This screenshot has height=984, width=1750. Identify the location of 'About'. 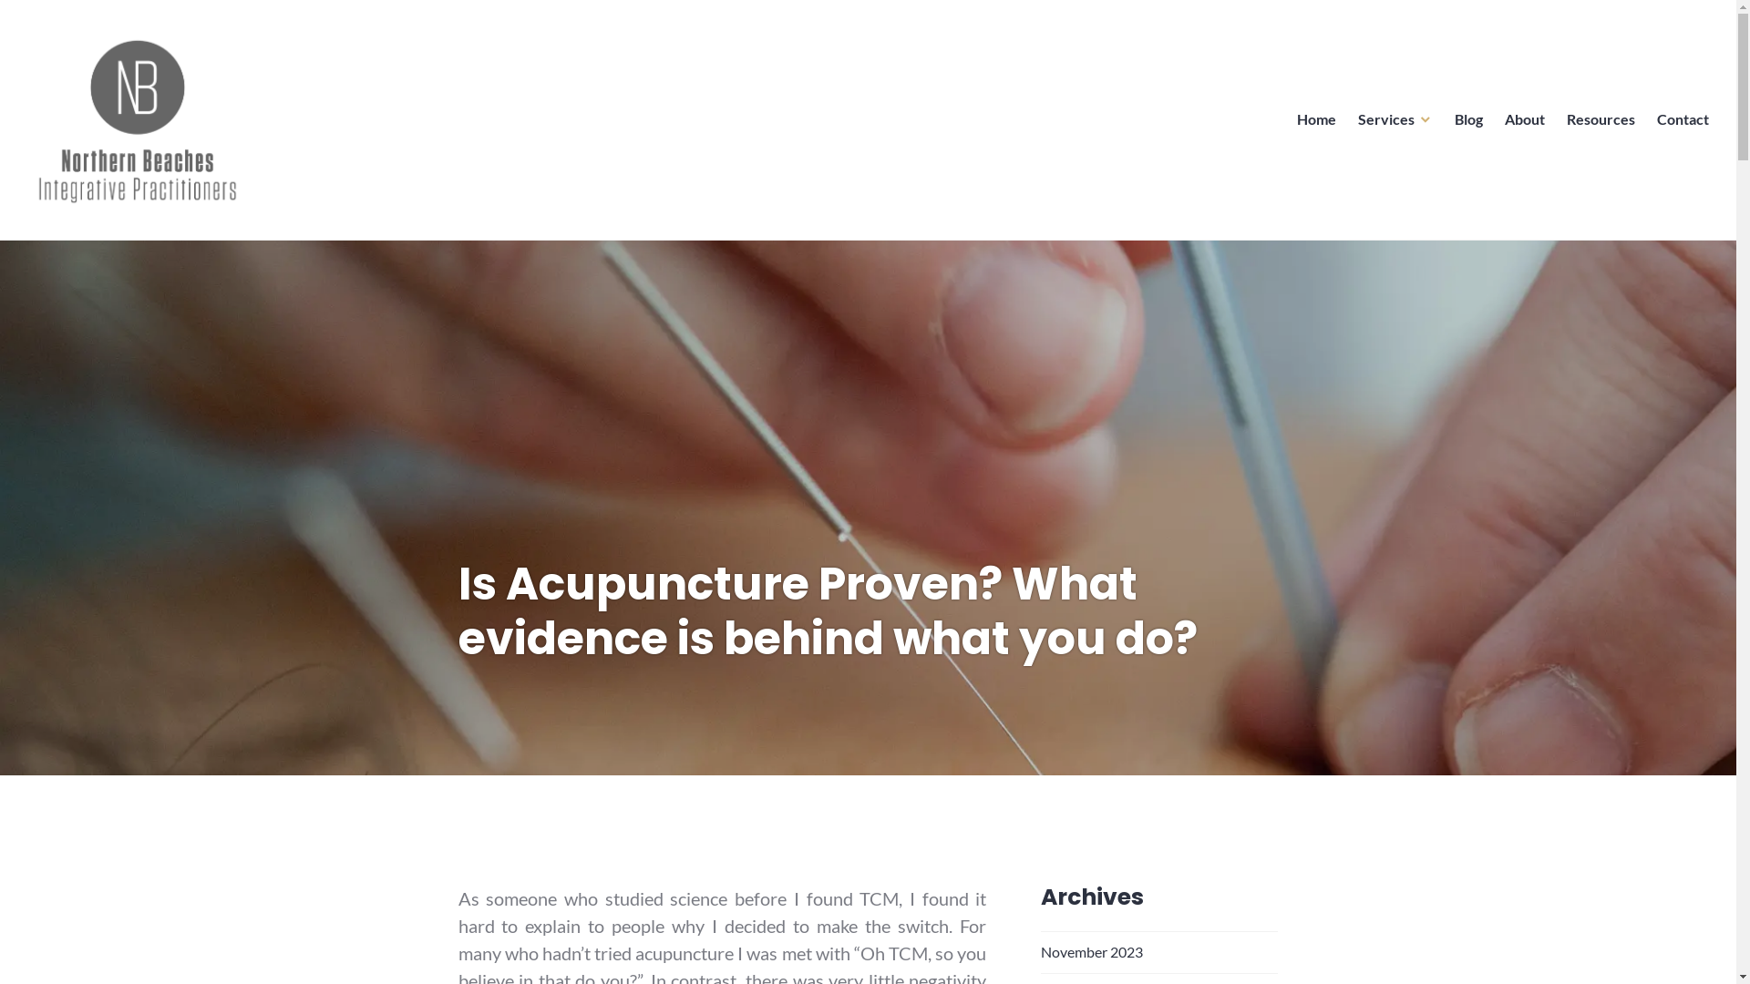
(1525, 119).